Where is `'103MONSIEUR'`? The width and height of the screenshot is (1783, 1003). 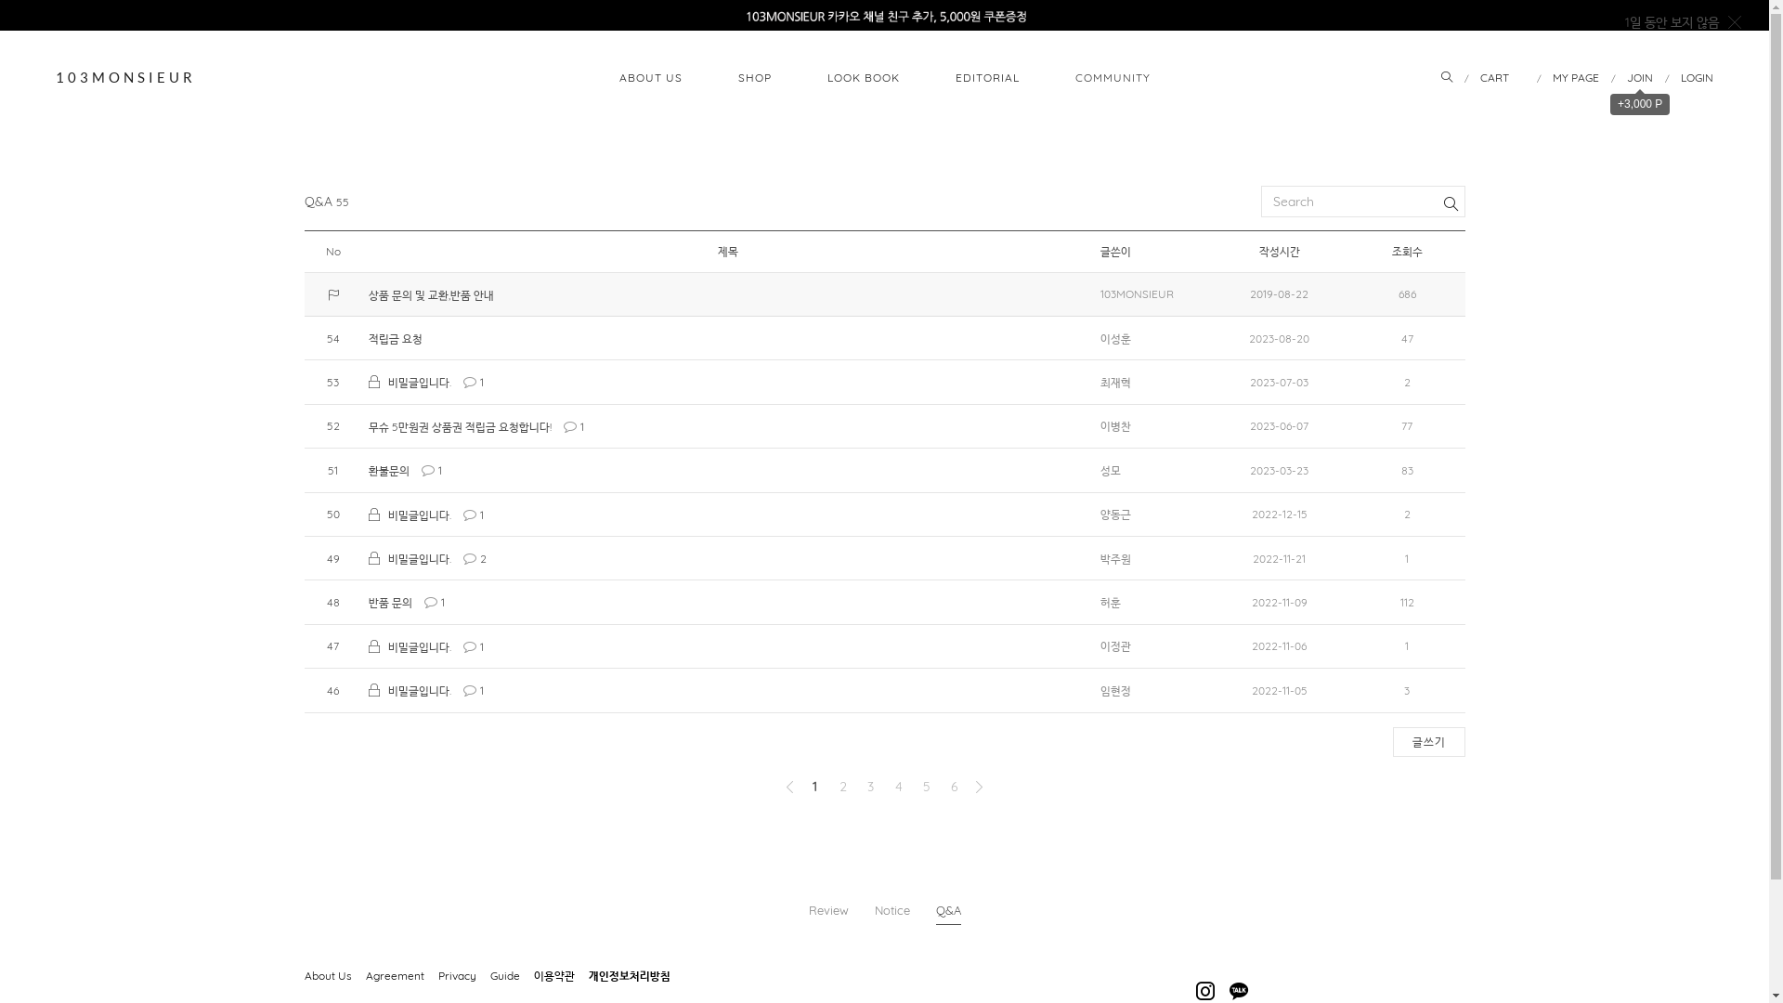 '103MONSIEUR' is located at coordinates (55, 76).